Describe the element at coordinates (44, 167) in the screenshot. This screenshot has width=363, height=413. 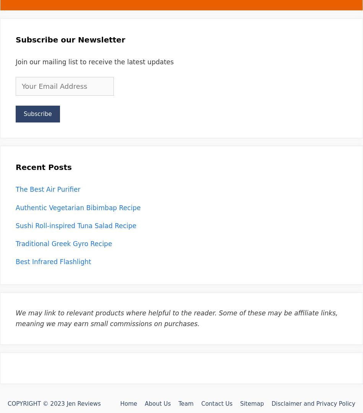
I see `'Recent Posts'` at that location.